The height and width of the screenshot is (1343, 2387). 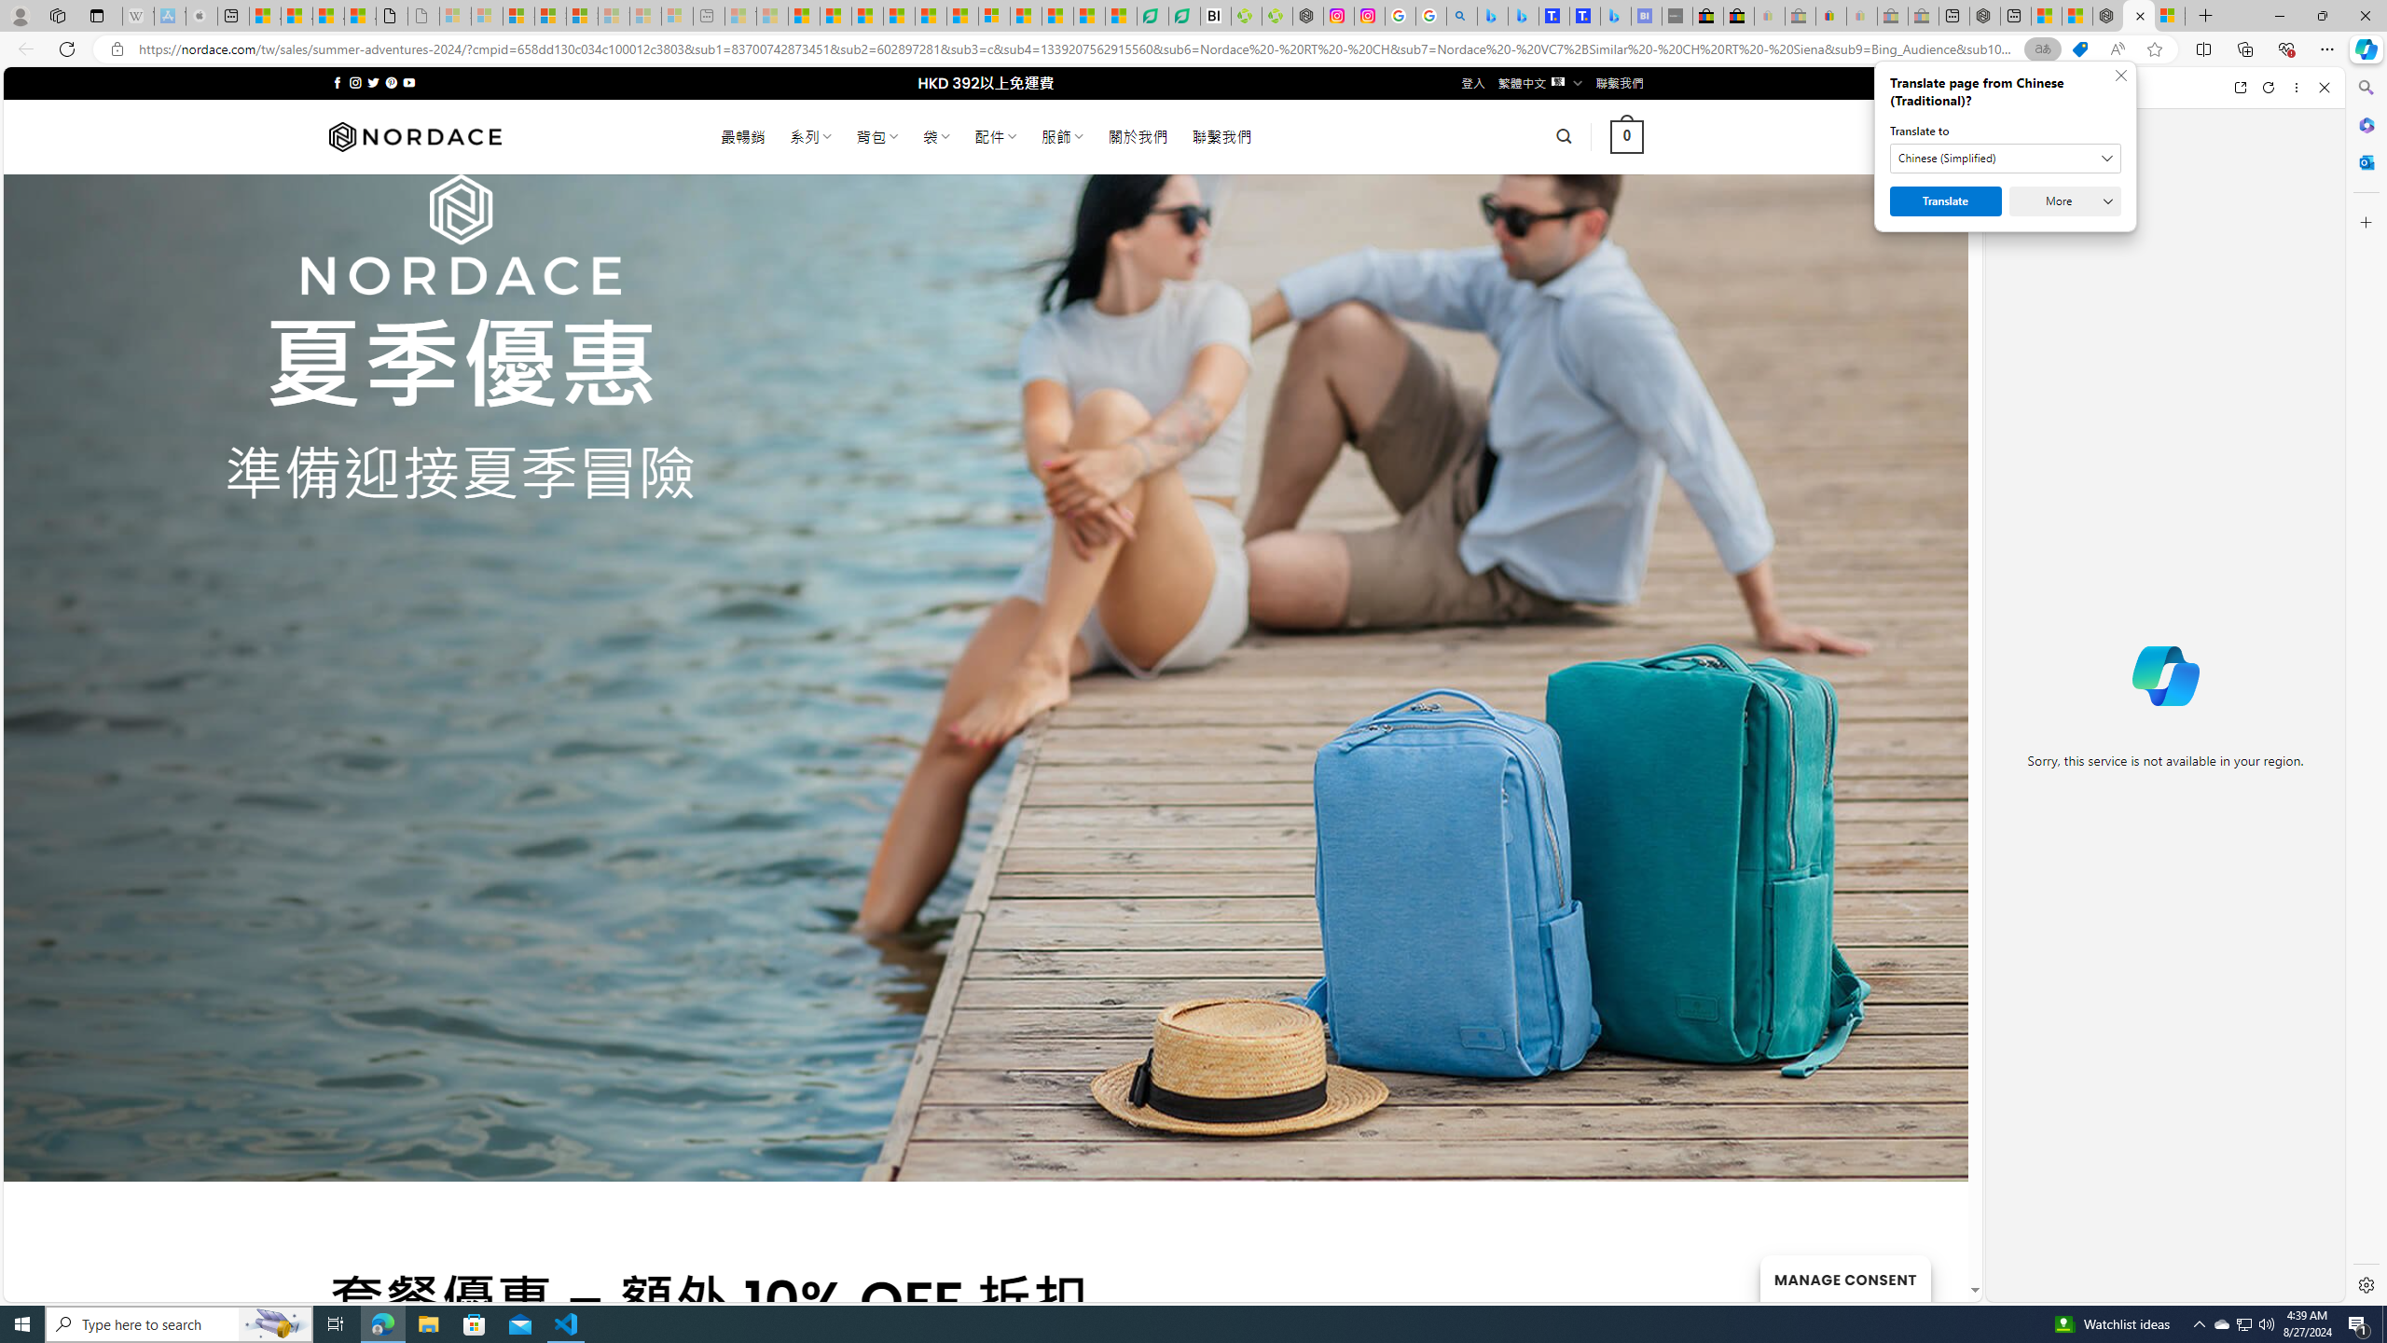 What do you see at coordinates (1399, 15) in the screenshot?
I see `'Safety in Our Products - Google Safety Center'` at bounding box center [1399, 15].